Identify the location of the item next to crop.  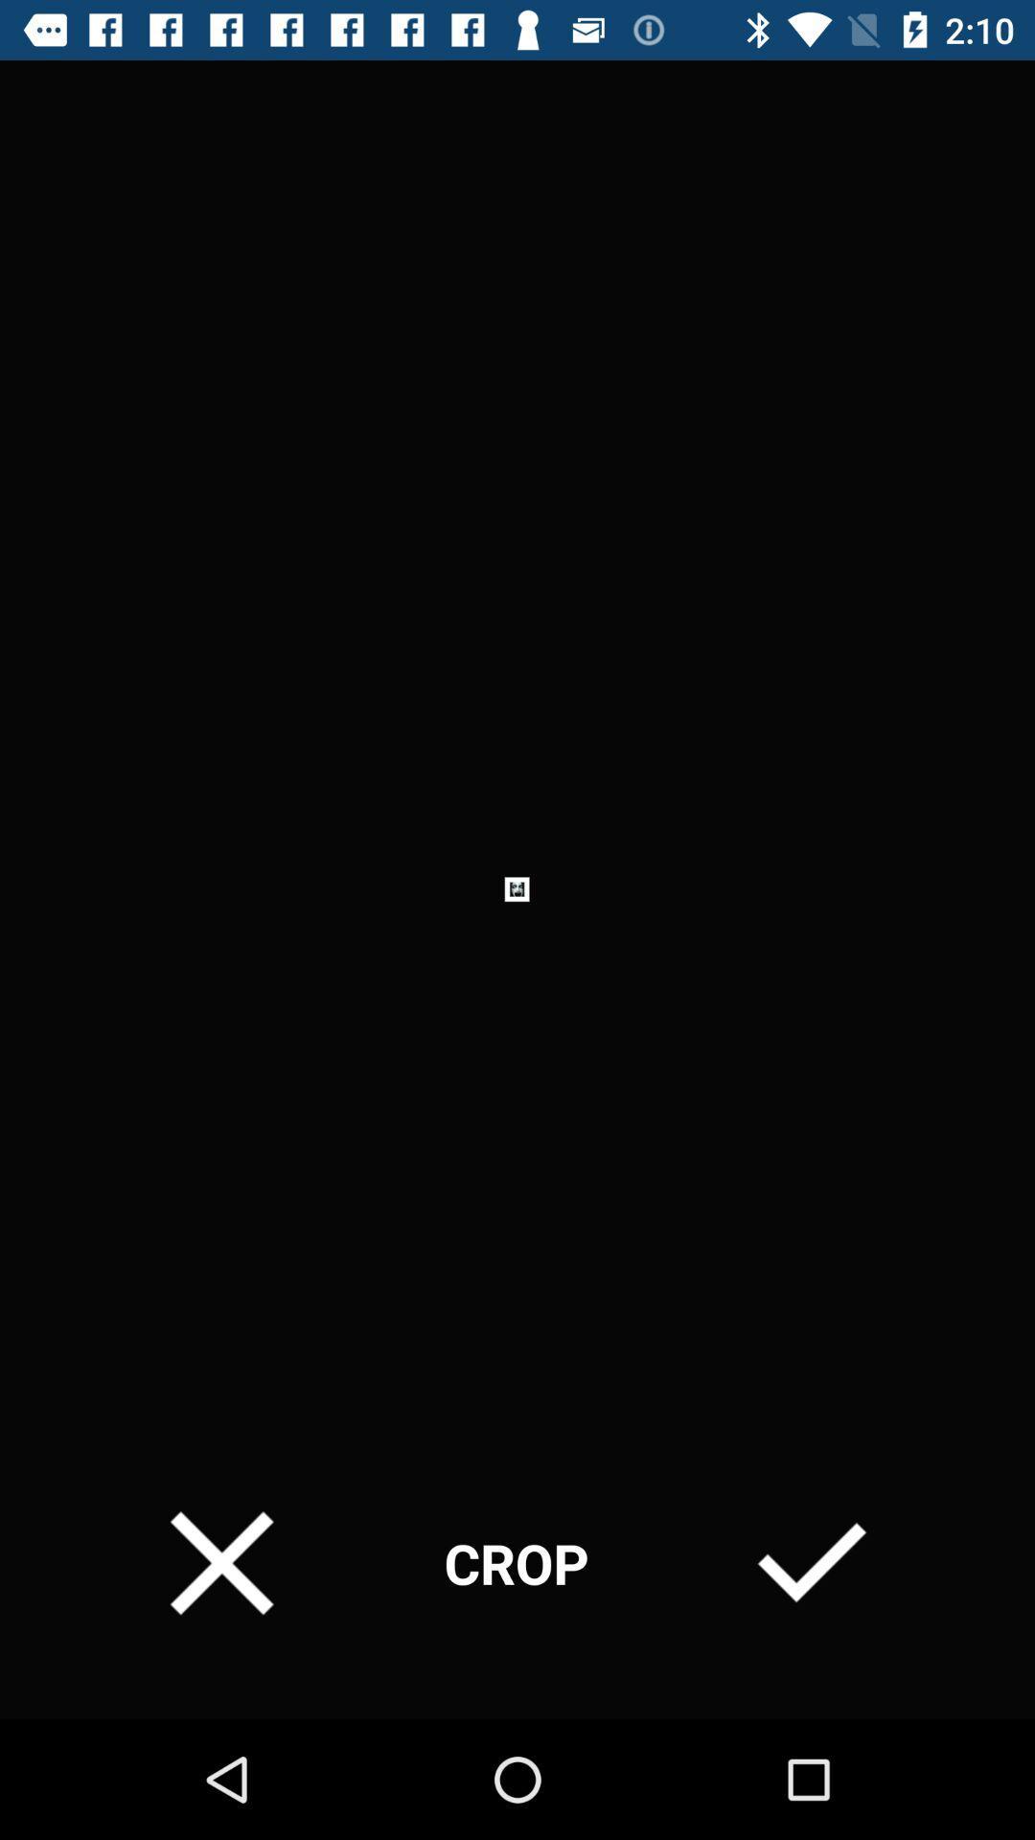
(812, 1563).